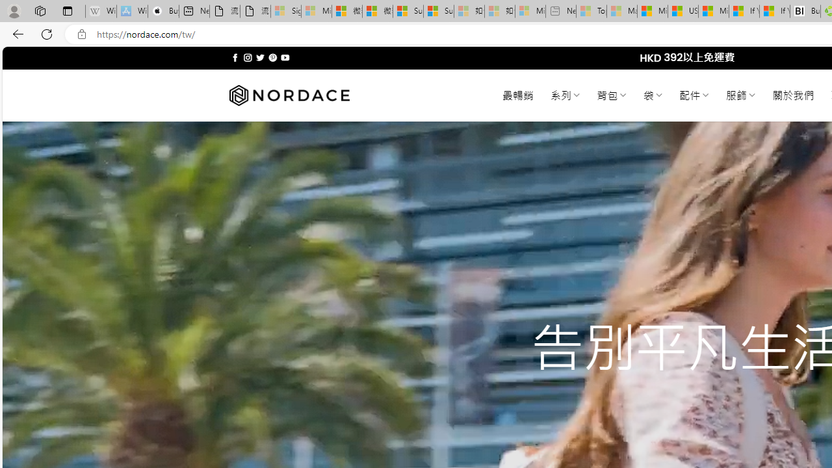  Describe the element at coordinates (285, 57) in the screenshot. I see `'Follow on YouTube'` at that location.